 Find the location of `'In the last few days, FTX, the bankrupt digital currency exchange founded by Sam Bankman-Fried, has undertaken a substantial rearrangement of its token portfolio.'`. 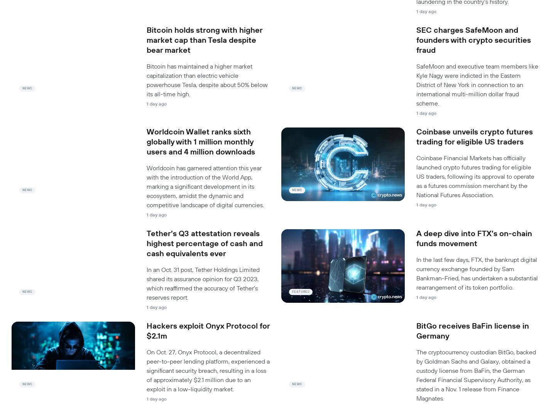

'In the last few days, FTX, the bankrupt digital currency exchange founded by Sam Bankman-Fried, has undertaken a substantial rearrangement of its token portfolio.' is located at coordinates (477, 273).